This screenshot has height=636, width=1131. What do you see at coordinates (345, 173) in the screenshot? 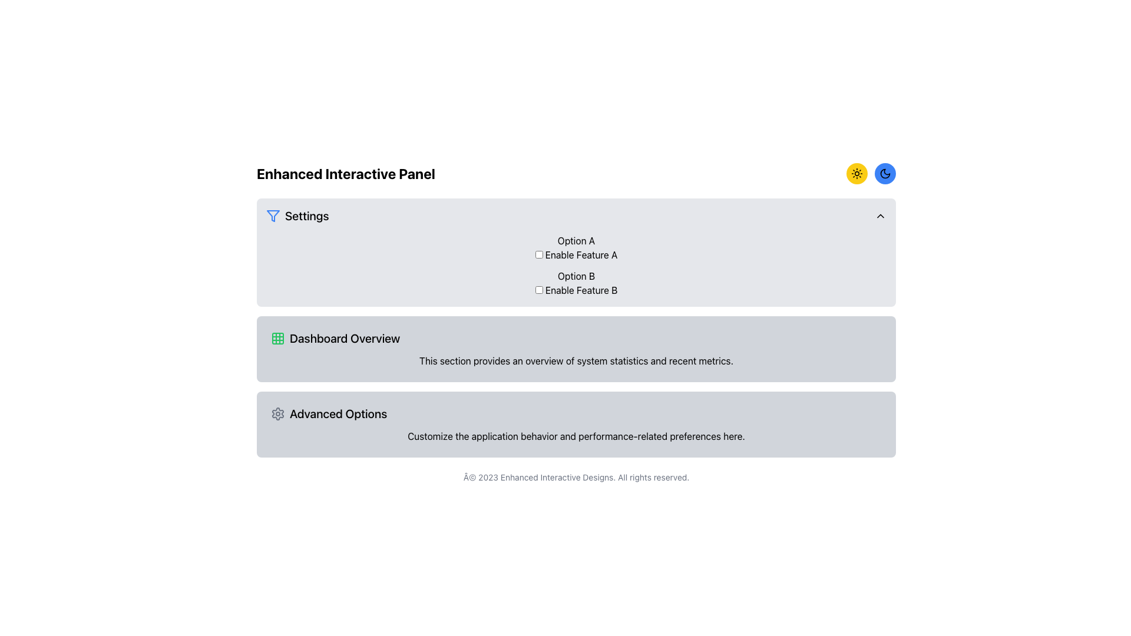
I see `the bold header text element reading 'Enhanced Interactive Panel' located at the top of the page` at bounding box center [345, 173].